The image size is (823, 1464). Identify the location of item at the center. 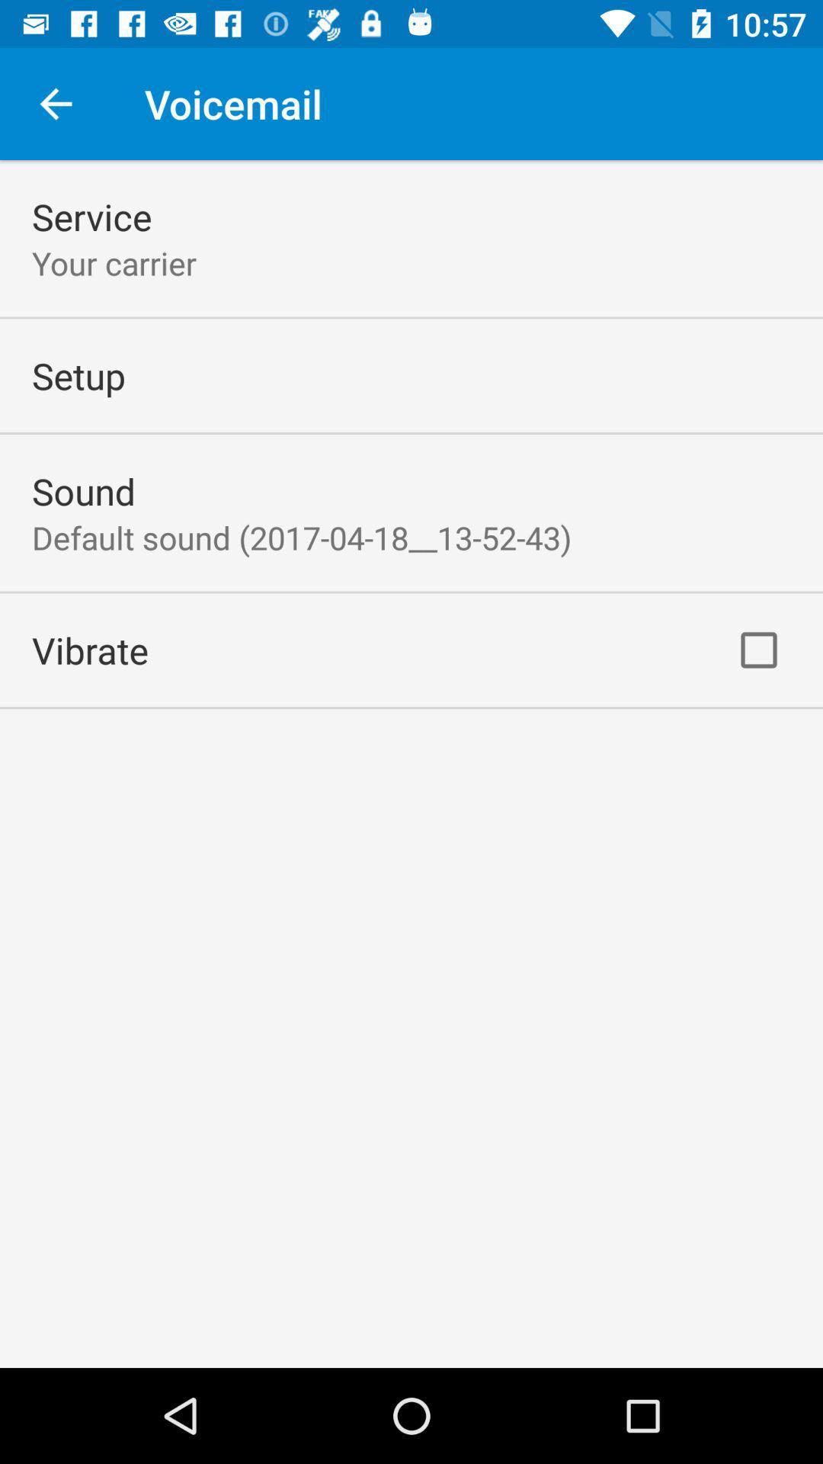
(302, 538).